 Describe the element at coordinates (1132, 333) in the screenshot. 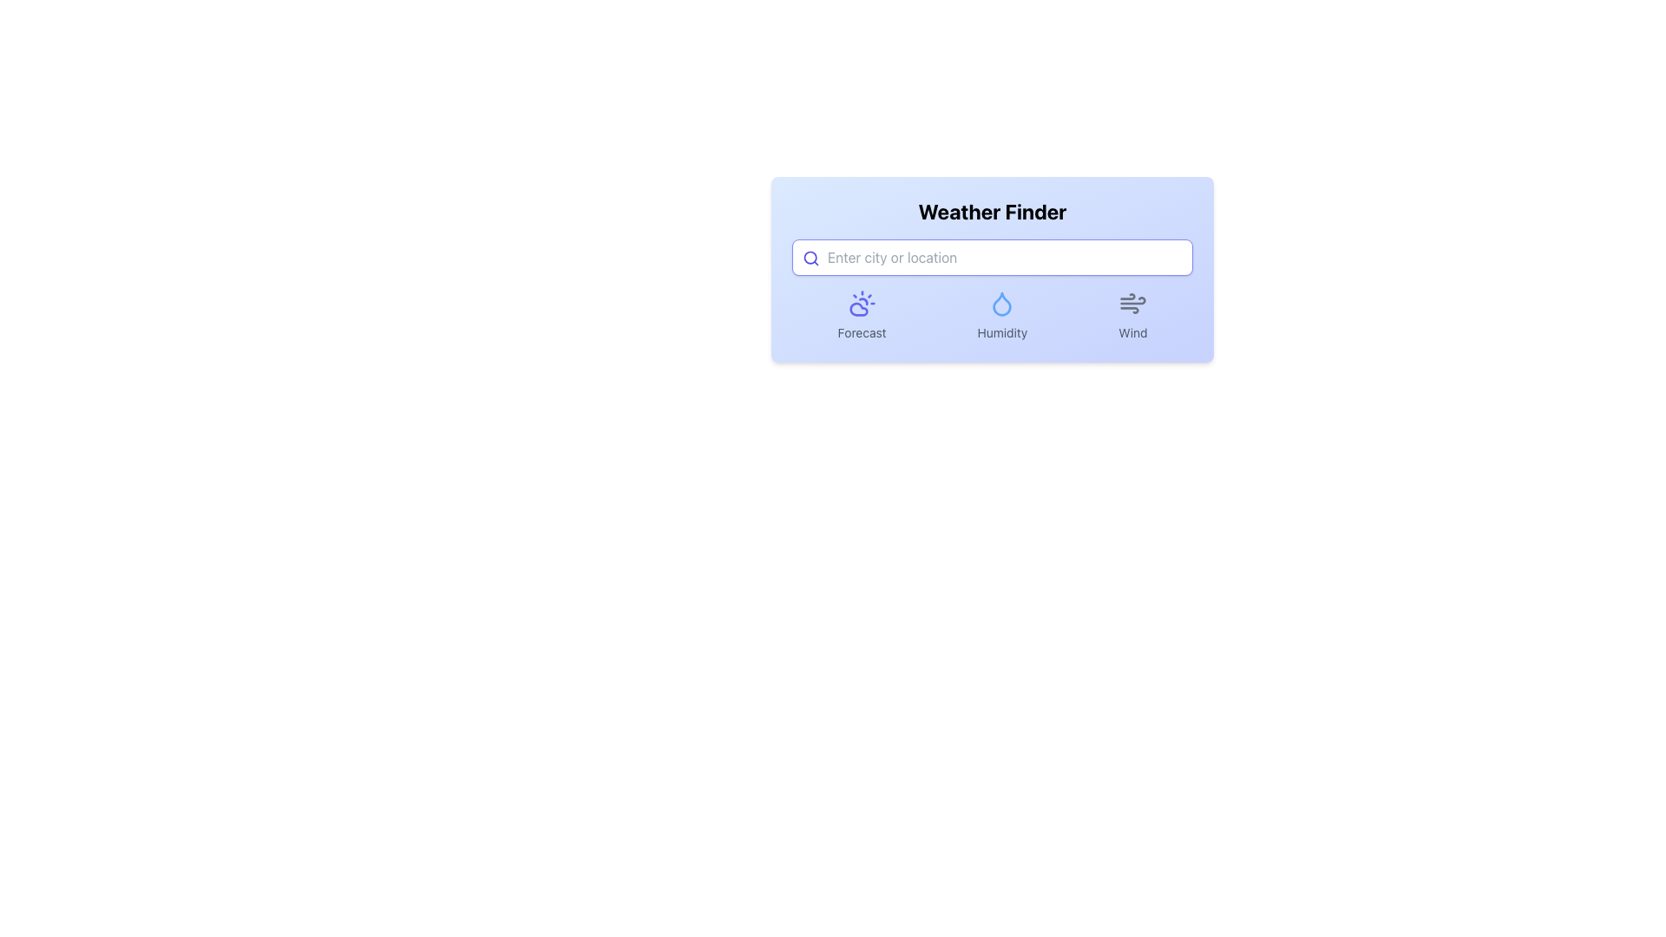

I see `the text label that describes the wind-related section in the weather search interface, located in the bottom-right section below the wind icon` at that location.